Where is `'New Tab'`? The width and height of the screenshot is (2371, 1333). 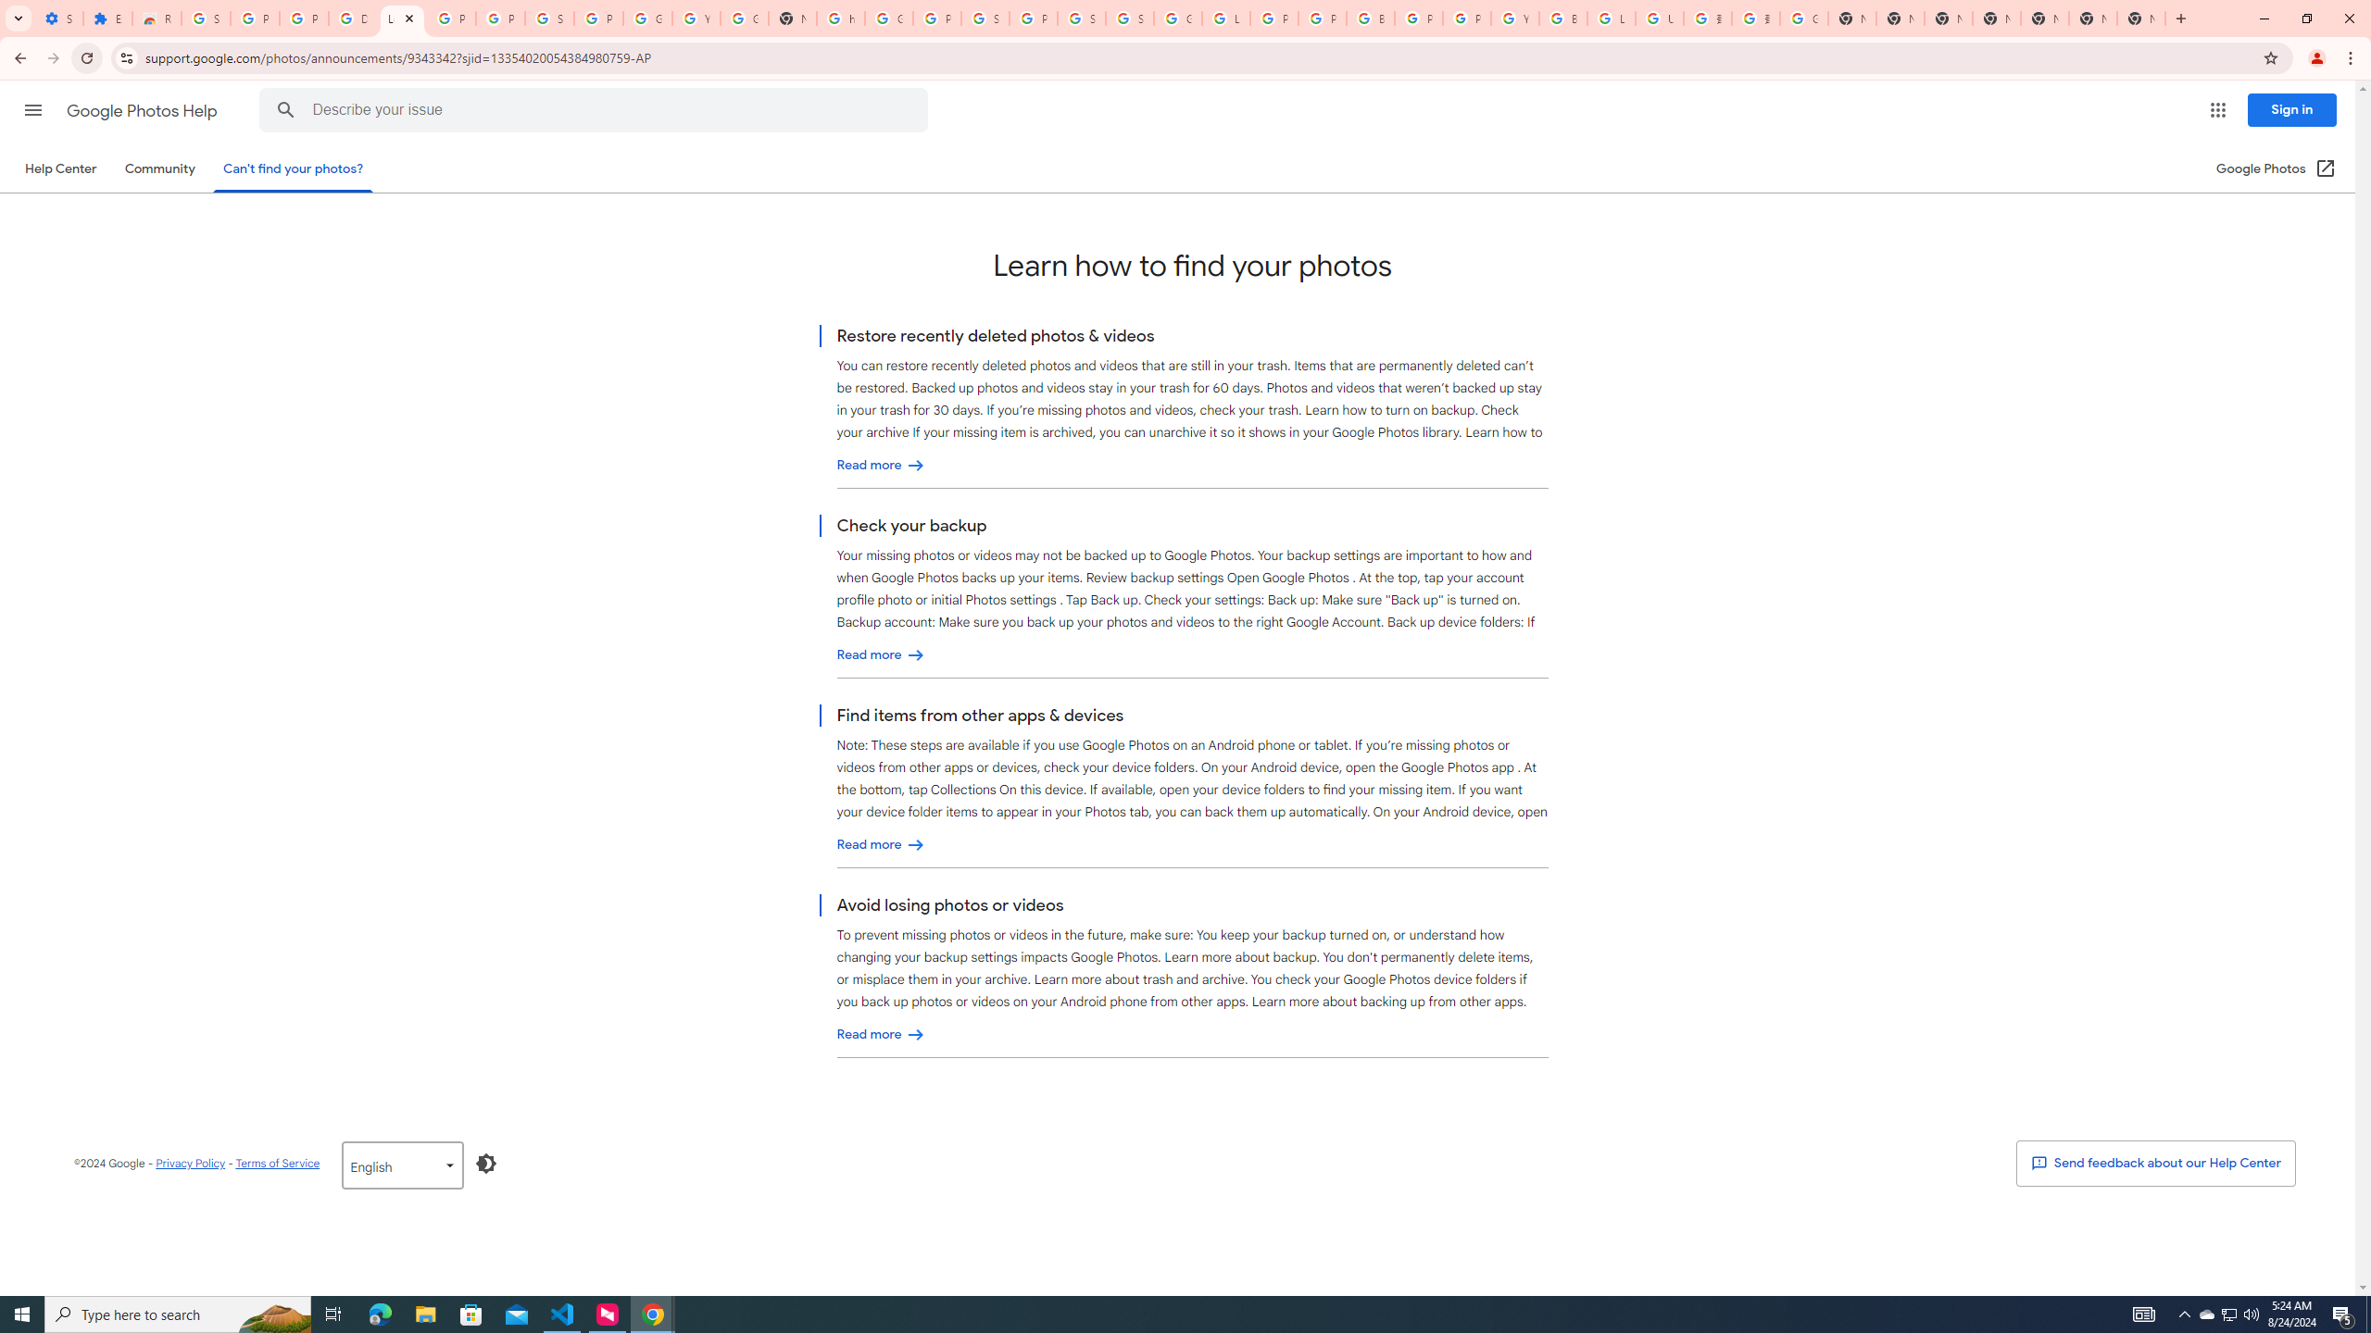
'New Tab' is located at coordinates (2140, 18).